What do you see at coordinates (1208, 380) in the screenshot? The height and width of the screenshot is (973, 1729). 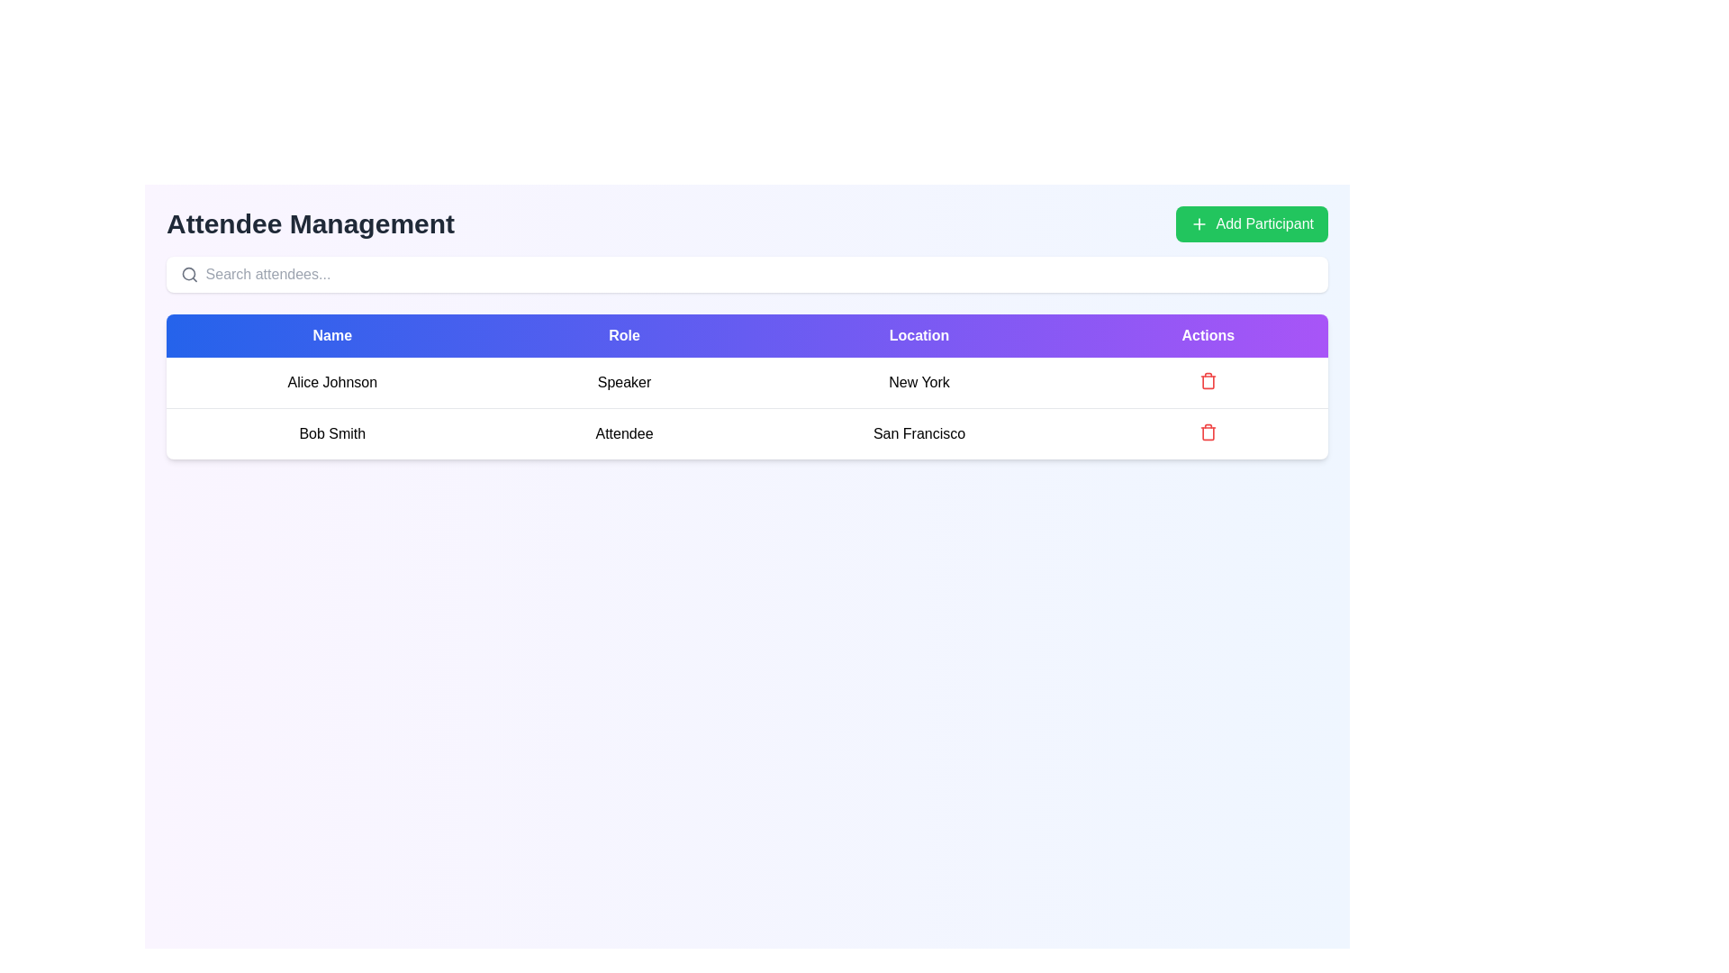 I see `the delete icon button located in the 'Actions' column of the table` at bounding box center [1208, 380].